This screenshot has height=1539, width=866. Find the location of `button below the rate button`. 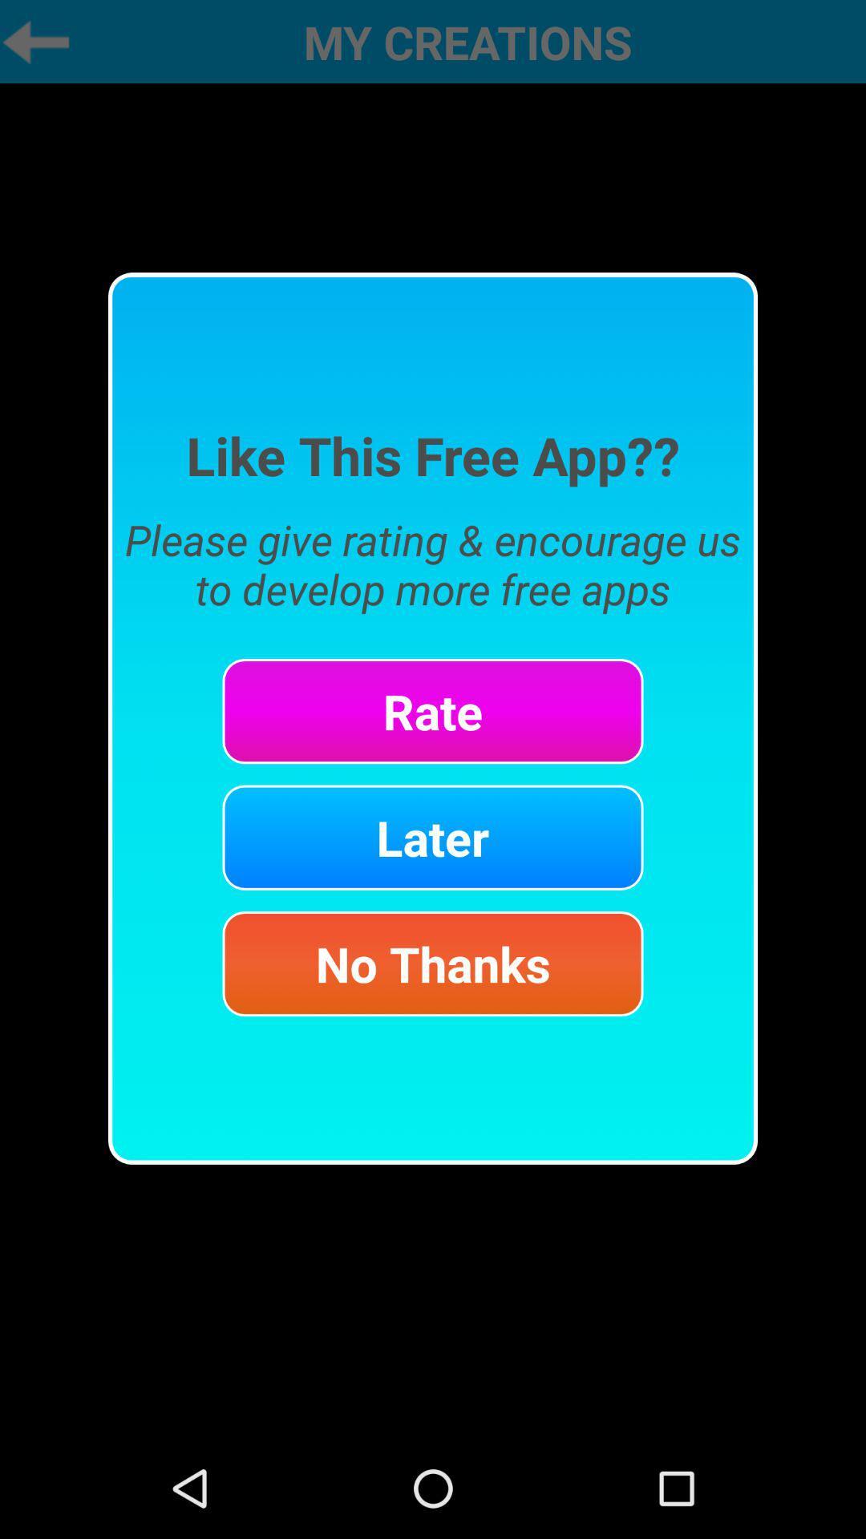

button below the rate button is located at coordinates (433, 837).